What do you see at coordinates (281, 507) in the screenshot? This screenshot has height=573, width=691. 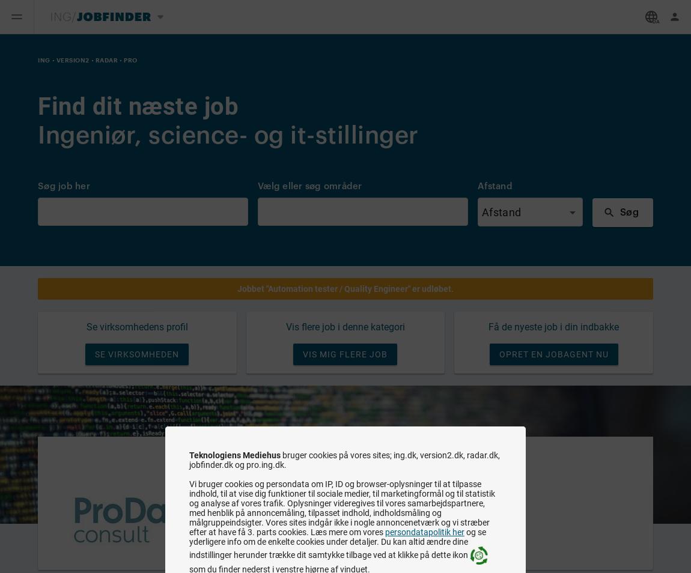 I see `'Arbejdssted'` at bounding box center [281, 507].